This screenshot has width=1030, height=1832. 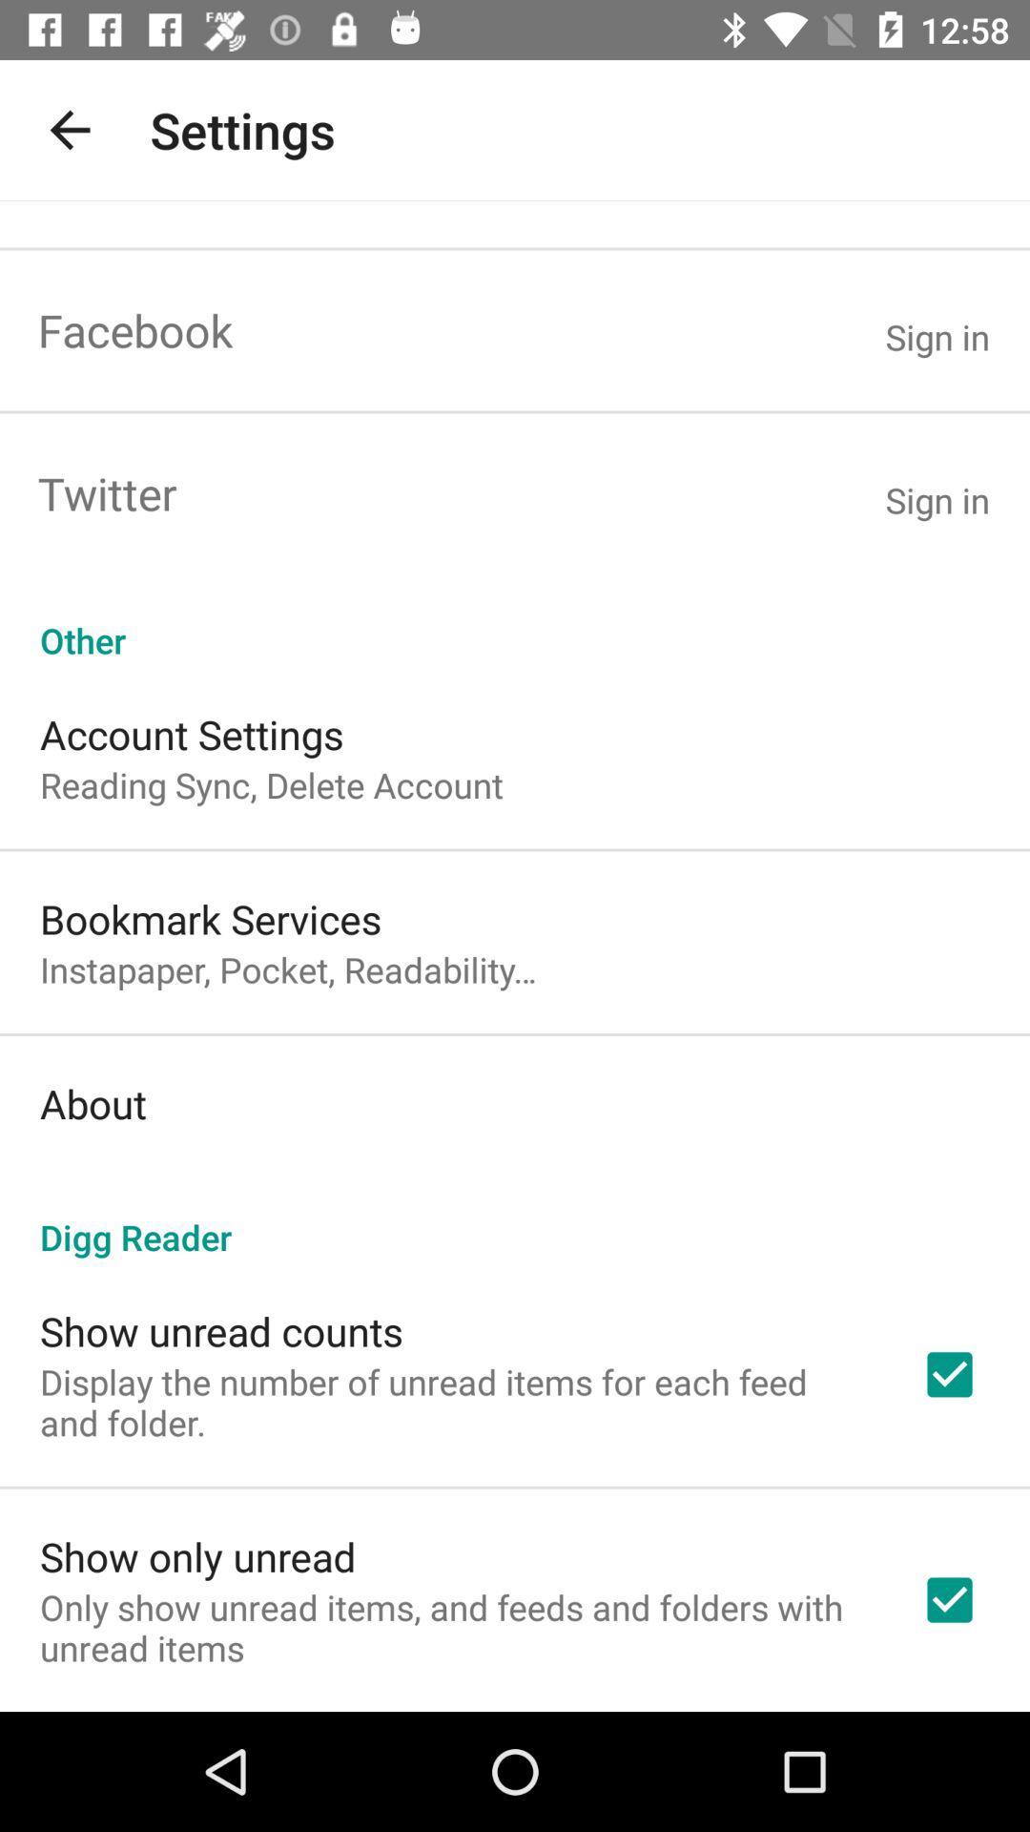 What do you see at coordinates (455, 1402) in the screenshot?
I see `display the number` at bounding box center [455, 1402].